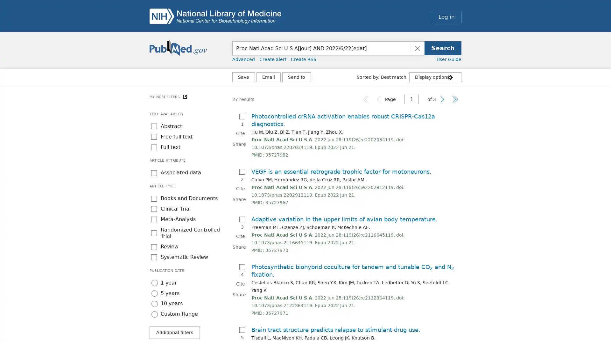 The width and height of the screenshot is (611, 343). Describe the element at coordinates (366, 99) in the screenshot. I see `Navigates to the first page of results.` at that location.